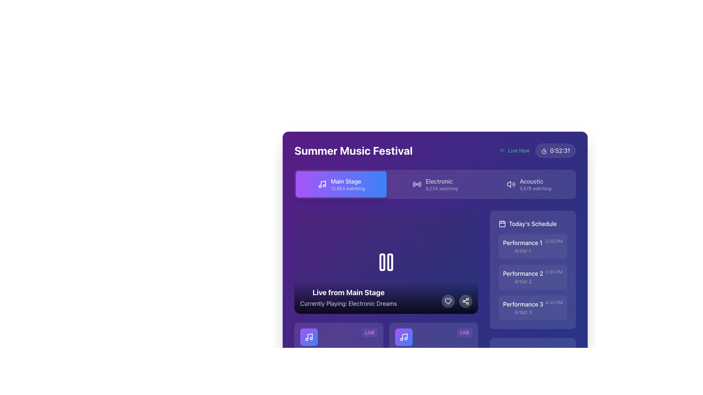 The width and height of the screenshot is (703, 395). What do you see at coordinates (348, 298) in the screenshot?
I see `text content displayed in the Text display with headings and subheadings, which shows 'Live from Main Stage' in bold white font and 'Currently Playing: Electronic Dreams' in lighter font below it` at bounding box center [348, 298].